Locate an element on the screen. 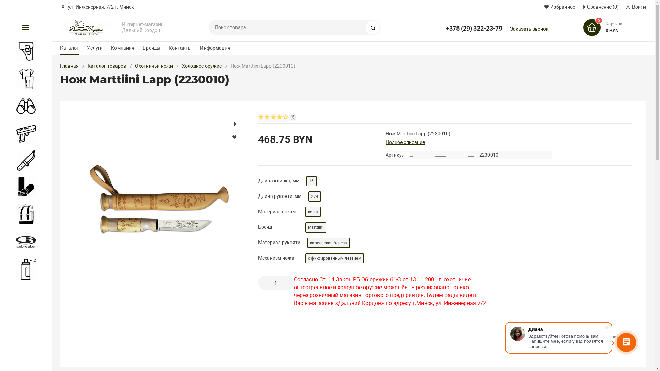  '5' is located at coordinates (286, 117).